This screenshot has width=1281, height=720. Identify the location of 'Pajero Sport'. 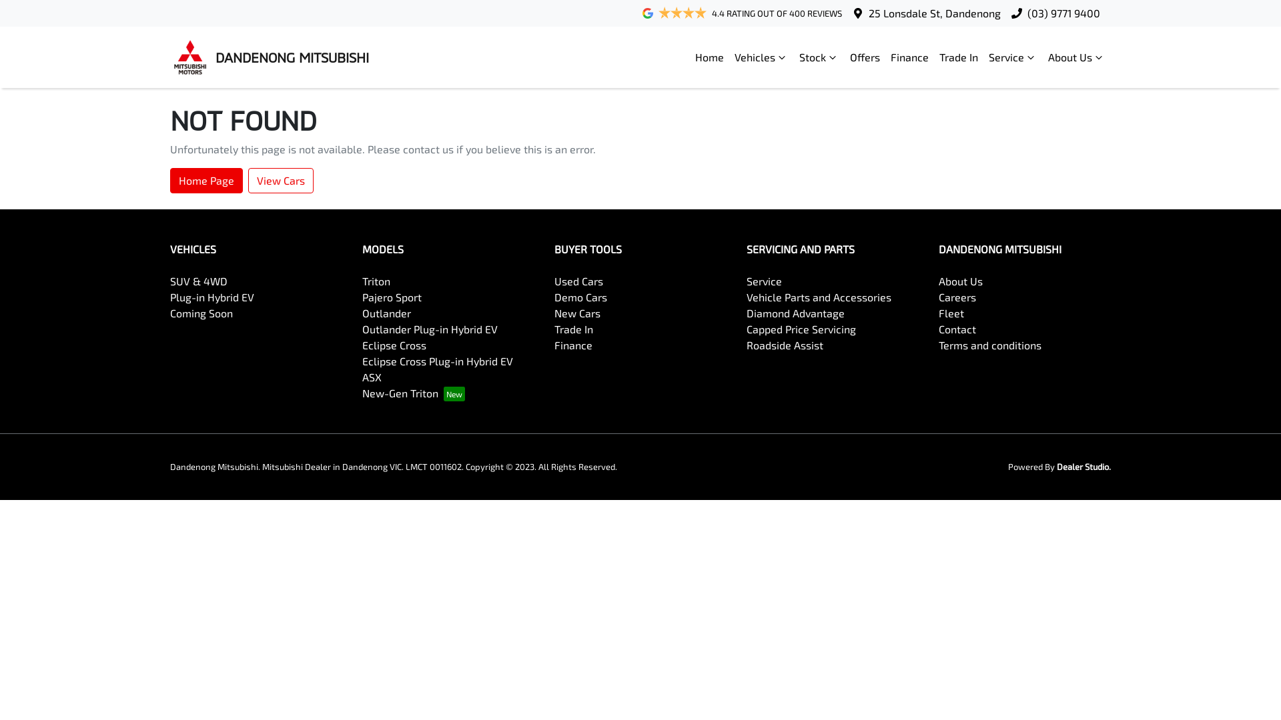
(391, 296).